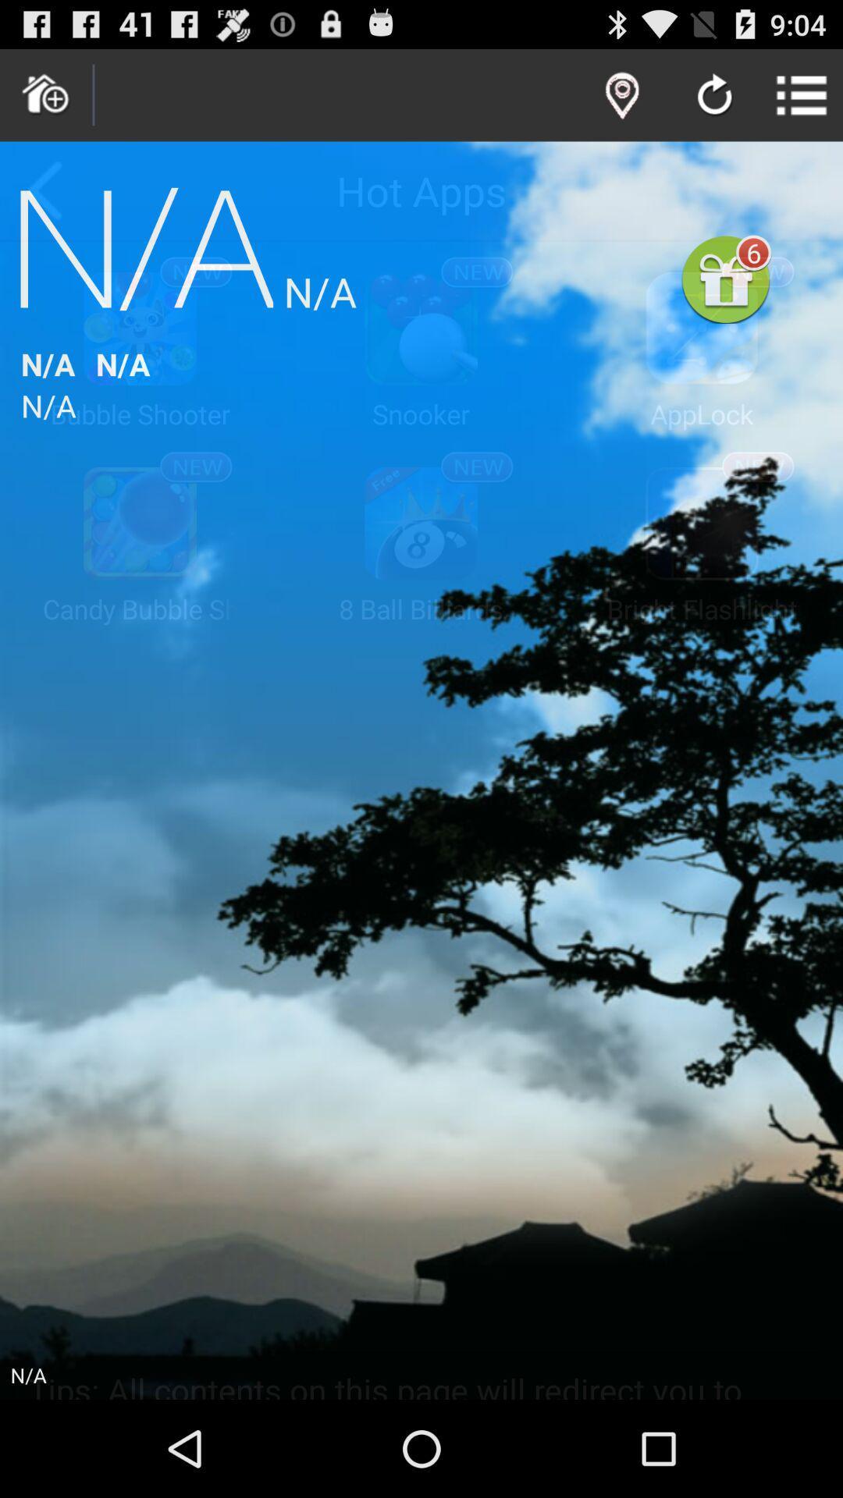 This screenshot has width=843, height=1498. Describe the element at coordinates (621, 94) in the screenshot. I see `map` at that location.